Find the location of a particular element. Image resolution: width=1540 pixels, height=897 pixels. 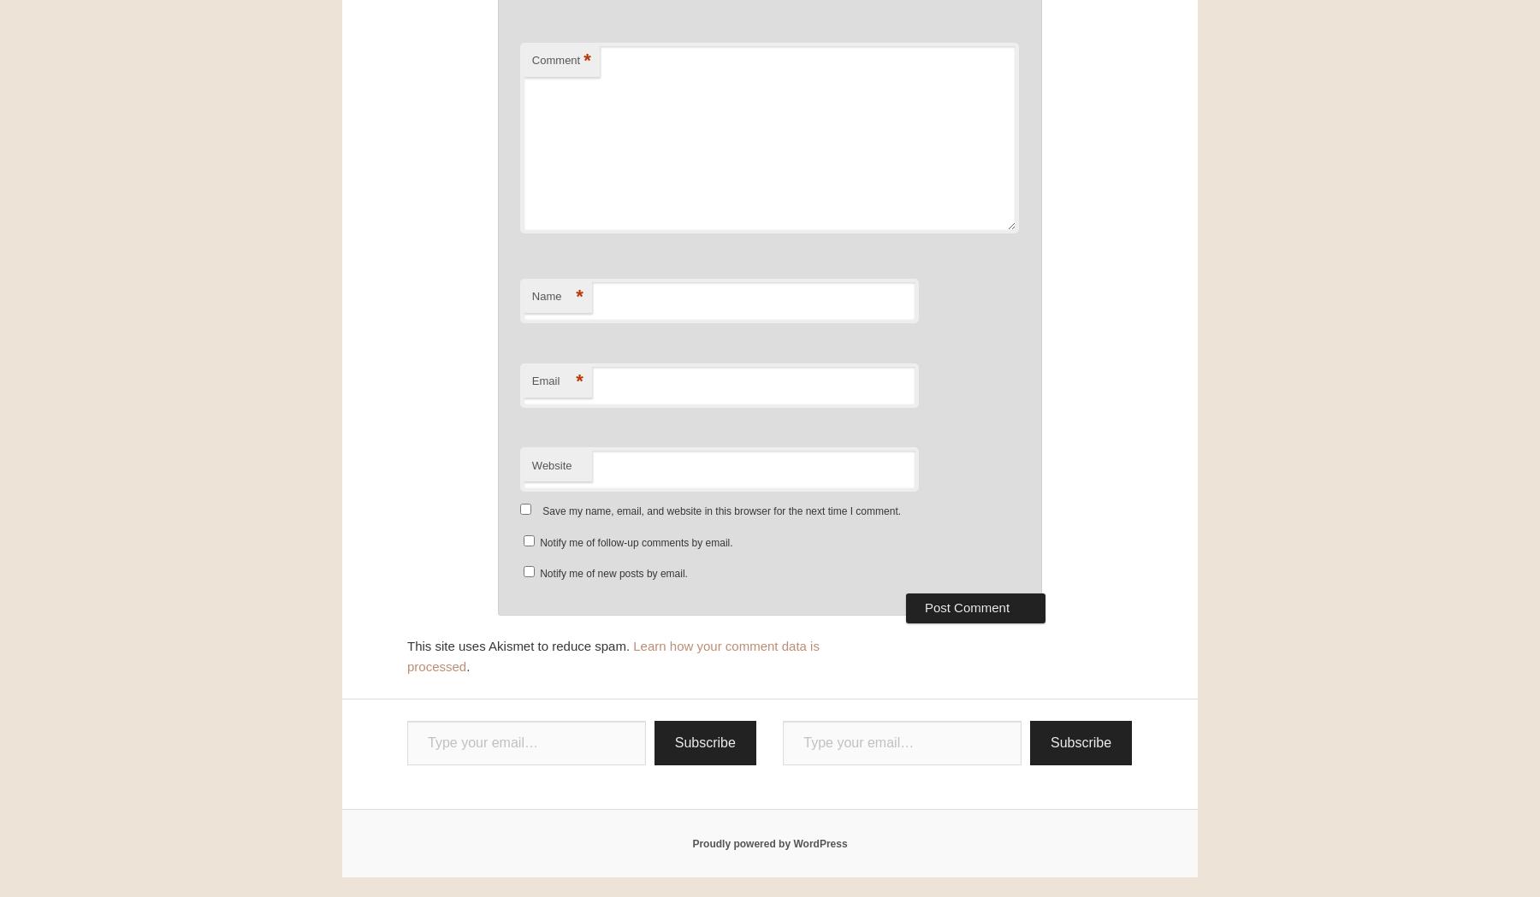

'Notify me of follow-up comments by email.' is located at coordinates (540, 542).